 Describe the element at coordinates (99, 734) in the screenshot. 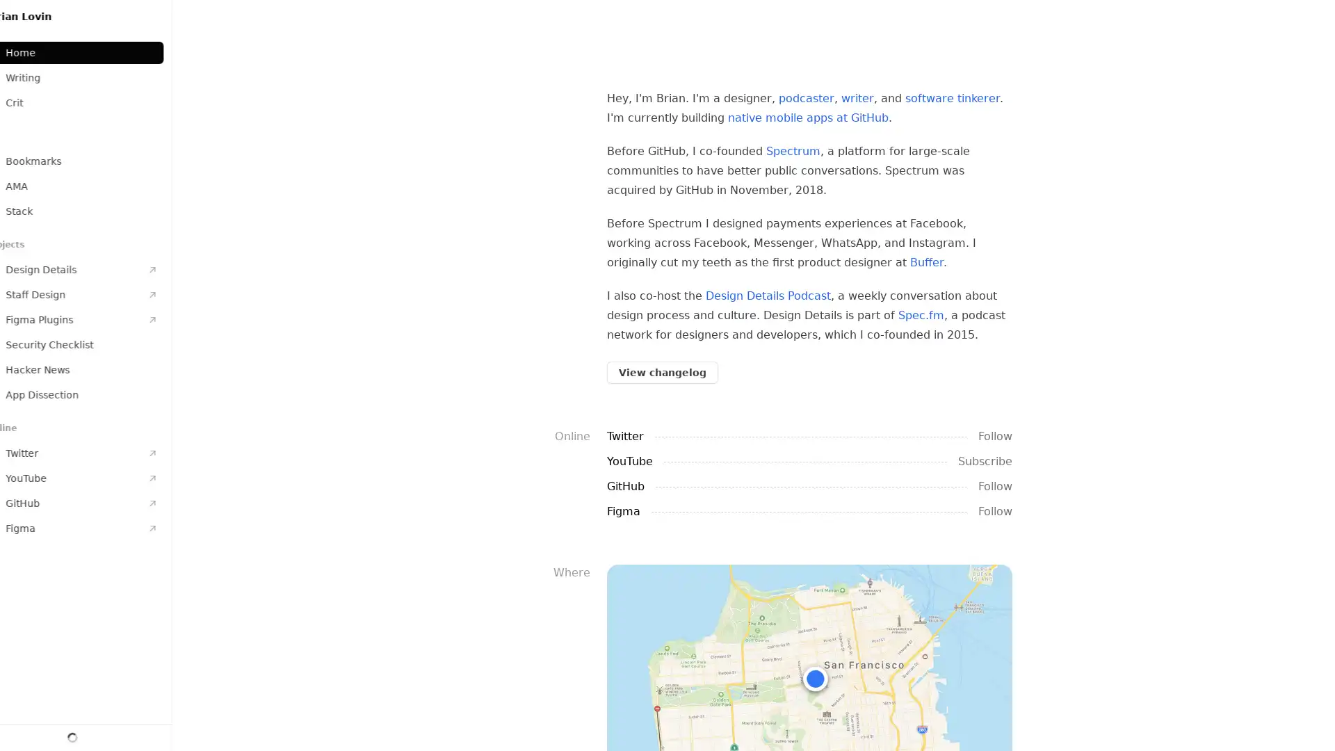

I see `Sign in` at that location.